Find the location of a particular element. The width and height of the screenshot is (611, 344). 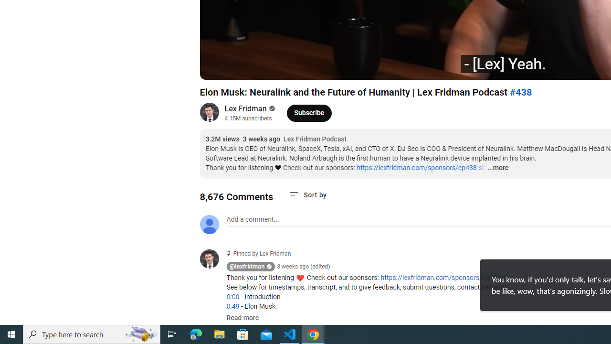

'3 weeks ago (edited)' is located at coordinates (303, 267).